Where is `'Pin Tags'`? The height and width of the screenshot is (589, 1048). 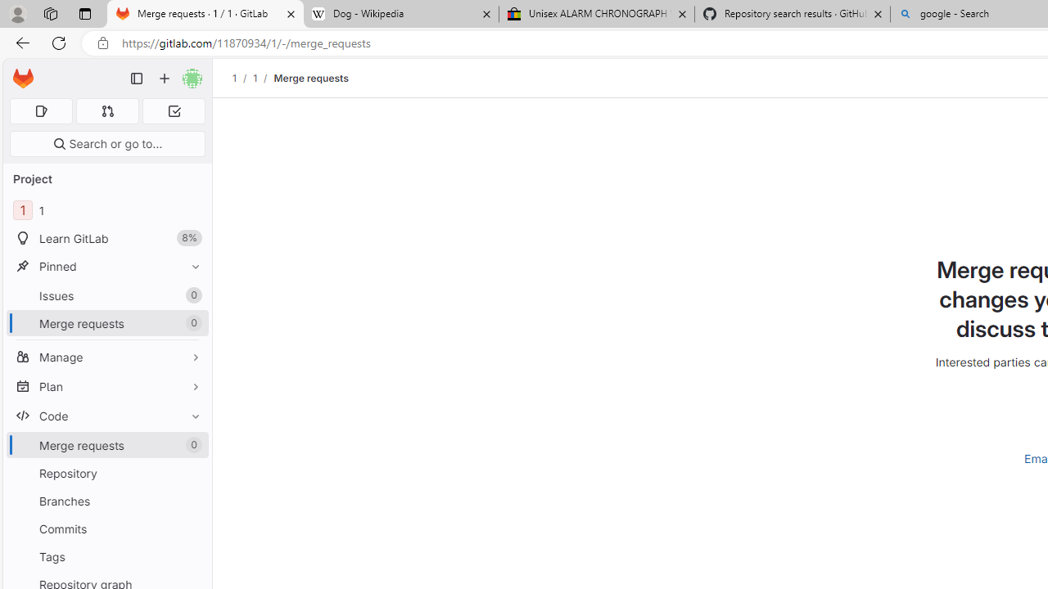 'Pin Tags' is located at coordinates (192, 555).